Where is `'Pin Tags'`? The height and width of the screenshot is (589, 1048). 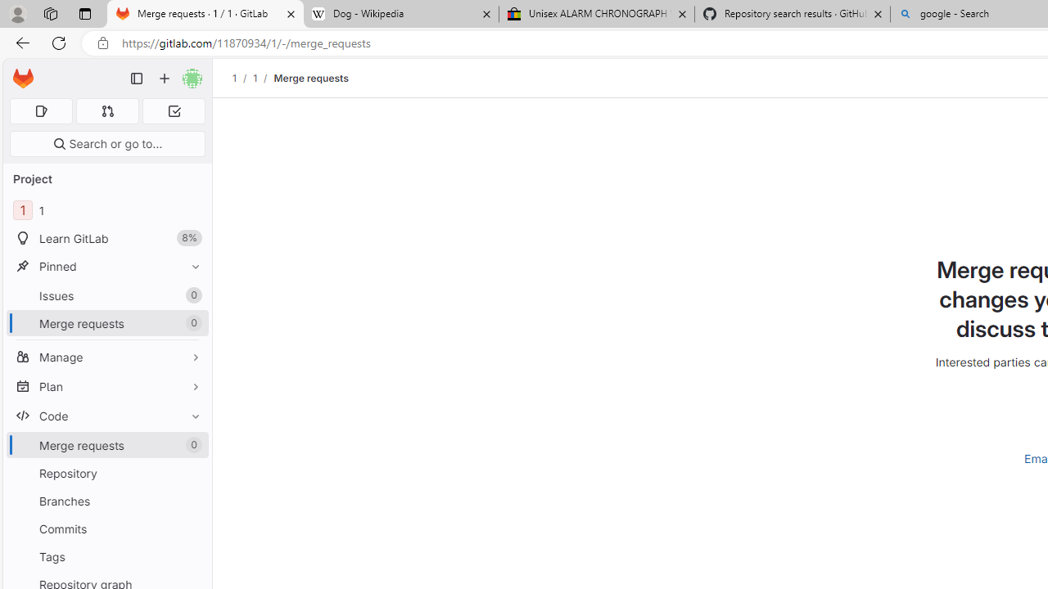 'Pin Tags' is located at coordinates (192, 555).